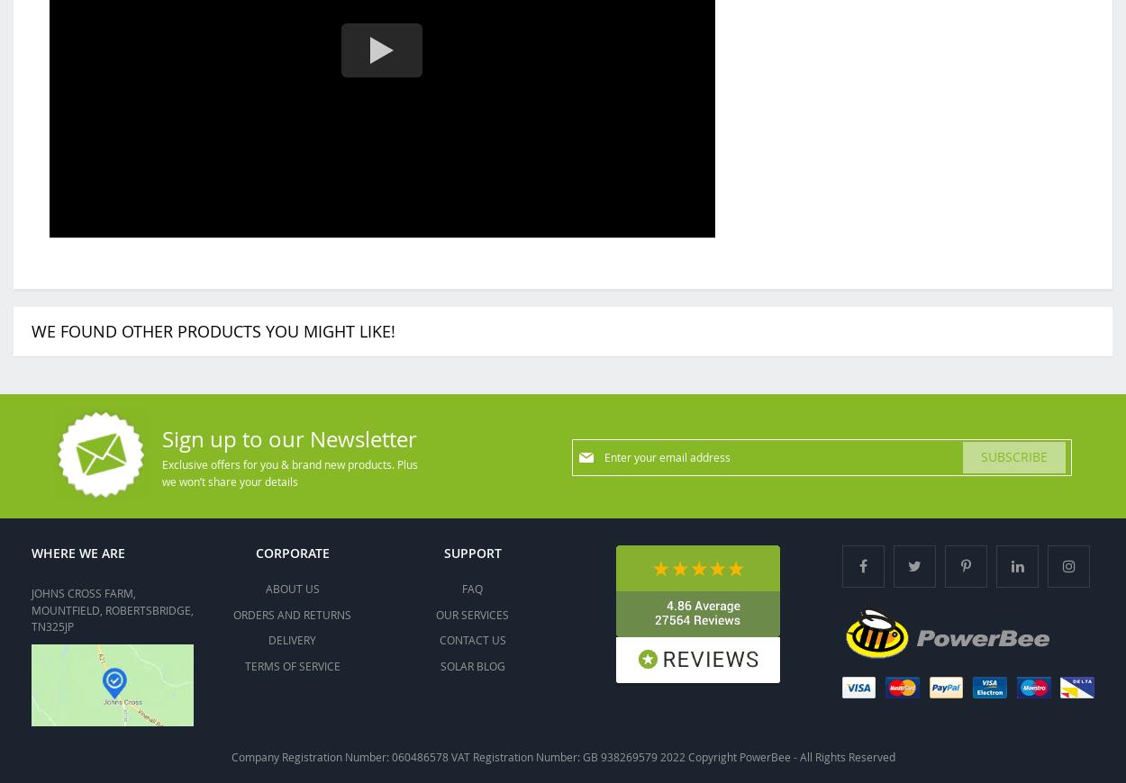 Image resolution: width=1126 pixels, height=783 pixels. Describe the element at coordinates (561, 755) in the screenshot. I see `'Company Registration Number: 060486578 VAT Registration Number: GB 938269579 2022 Copyright PowerBee - All Rights Reserved'` at that location.